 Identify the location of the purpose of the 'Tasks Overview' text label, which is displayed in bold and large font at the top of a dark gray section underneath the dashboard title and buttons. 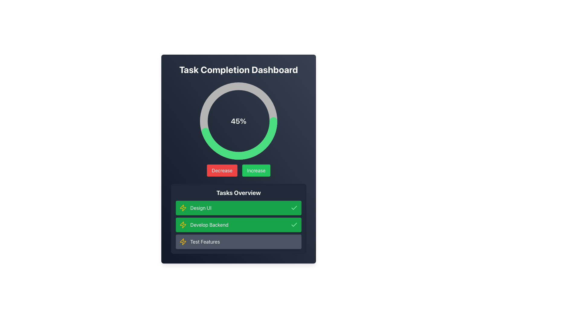
(238, 193).